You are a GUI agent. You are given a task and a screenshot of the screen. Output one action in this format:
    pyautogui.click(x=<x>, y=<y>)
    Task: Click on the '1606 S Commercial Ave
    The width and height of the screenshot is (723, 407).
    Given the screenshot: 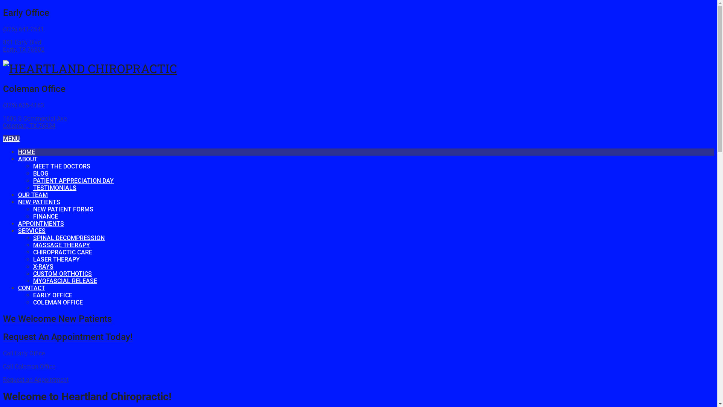 What is the action you would take?
    pyautogui.click(x=3, y=122)
    